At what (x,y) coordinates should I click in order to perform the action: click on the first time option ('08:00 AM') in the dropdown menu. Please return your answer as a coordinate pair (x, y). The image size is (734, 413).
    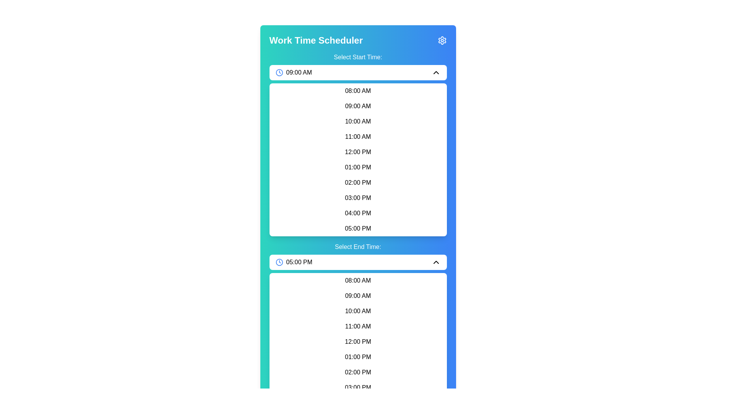
    Looking at the image, I should click on (357, 91).